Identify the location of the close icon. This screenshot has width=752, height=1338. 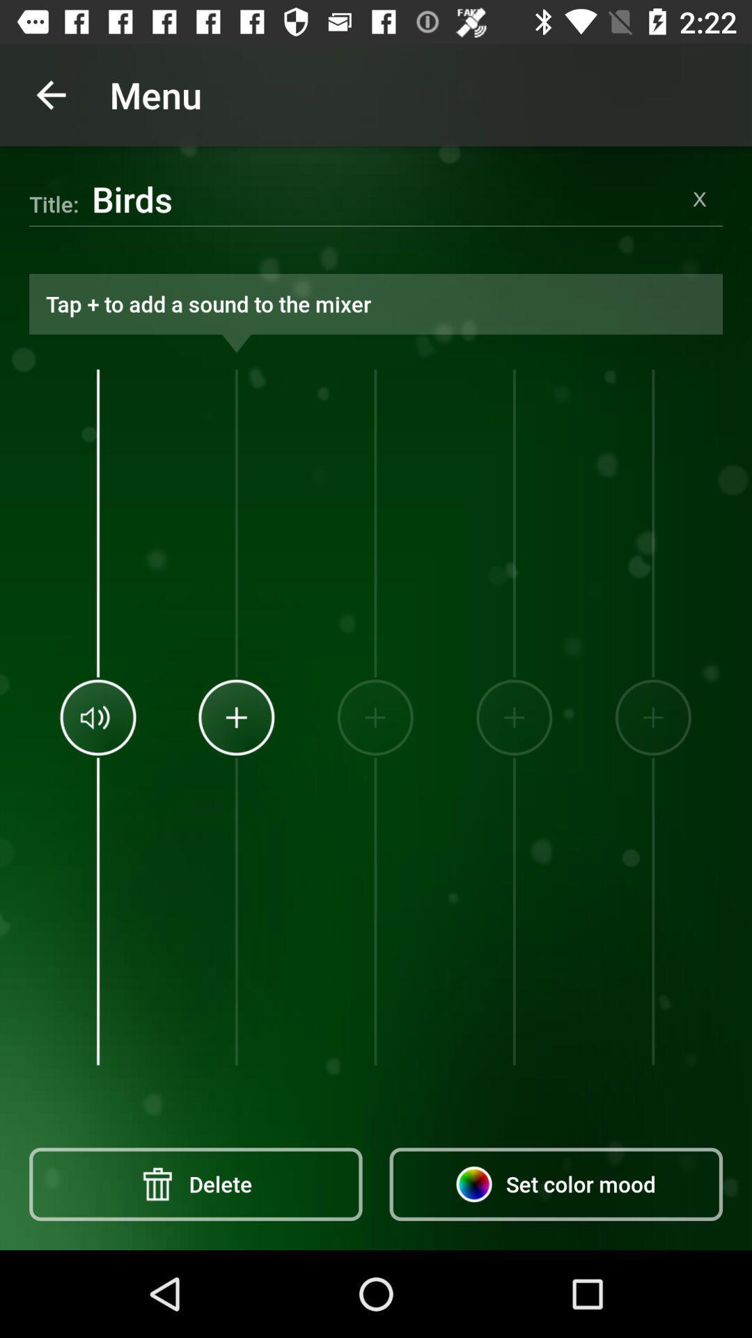
(700, 198).